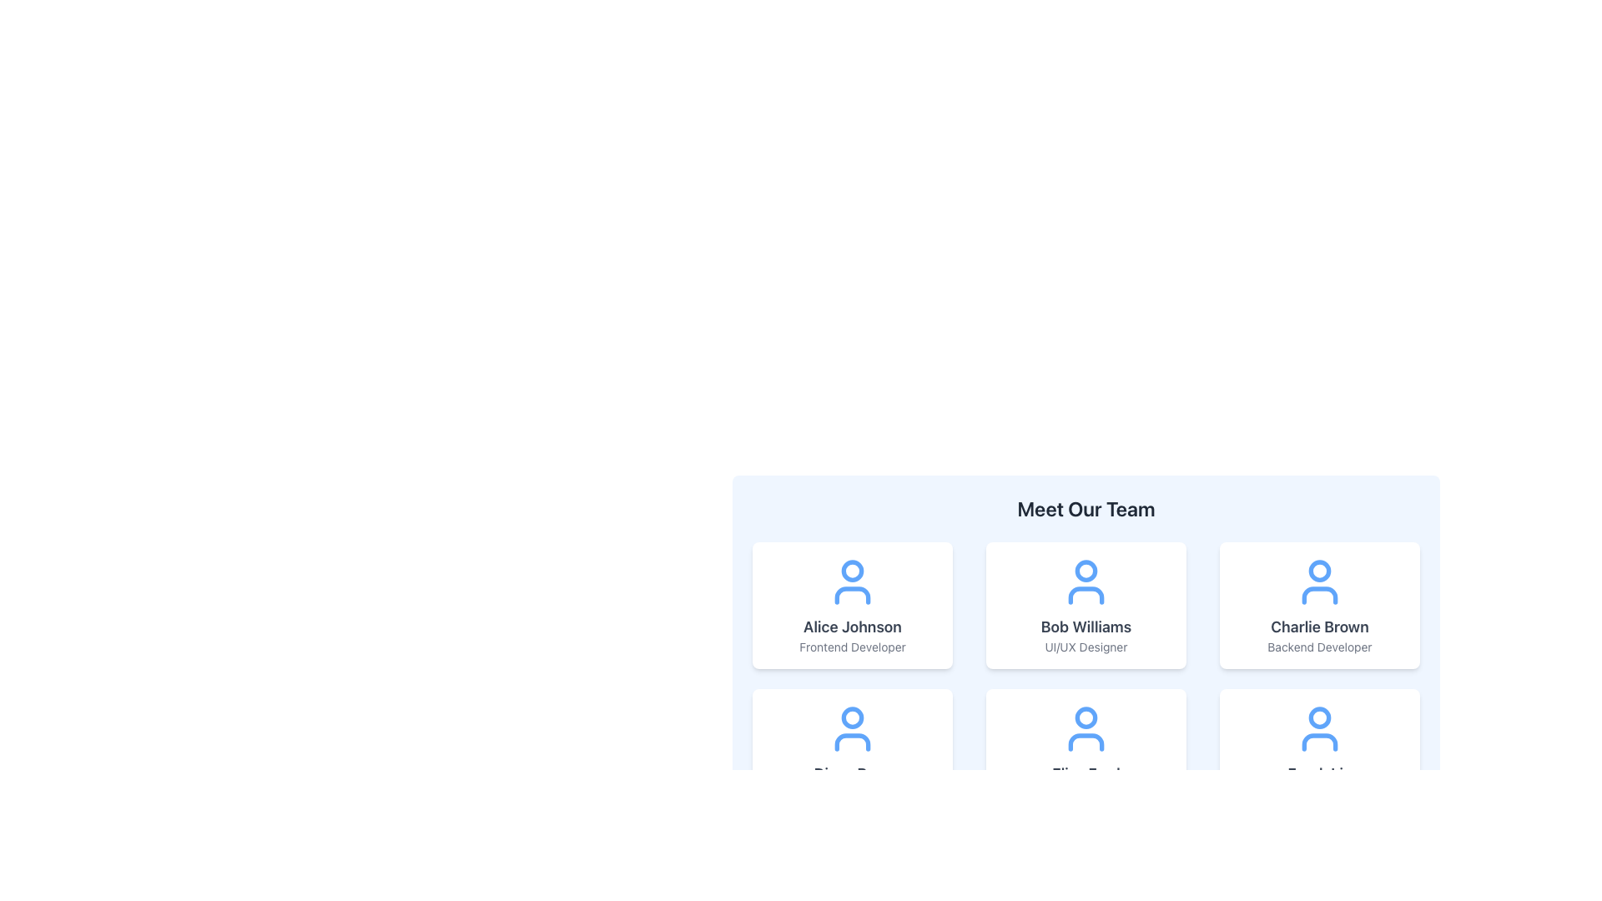  What do you see at coordinates (1086, 594) in the screenshot?
I see `the decorative SVG graphic element representing team member Bob Williams in the 'Meet Our Team' section` at bounding box center [1086, 594].